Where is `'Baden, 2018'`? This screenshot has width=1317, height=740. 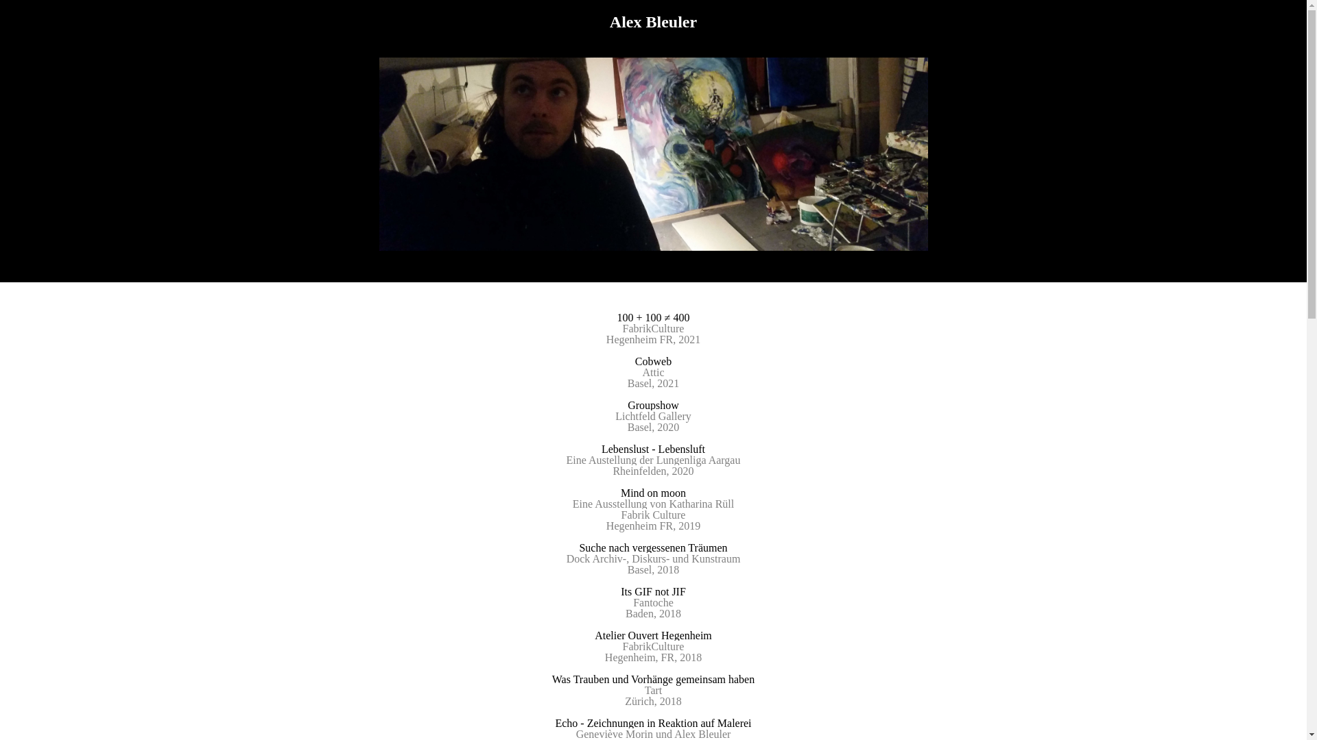 'Baden, 2018' is located at coordinates (652, 613).